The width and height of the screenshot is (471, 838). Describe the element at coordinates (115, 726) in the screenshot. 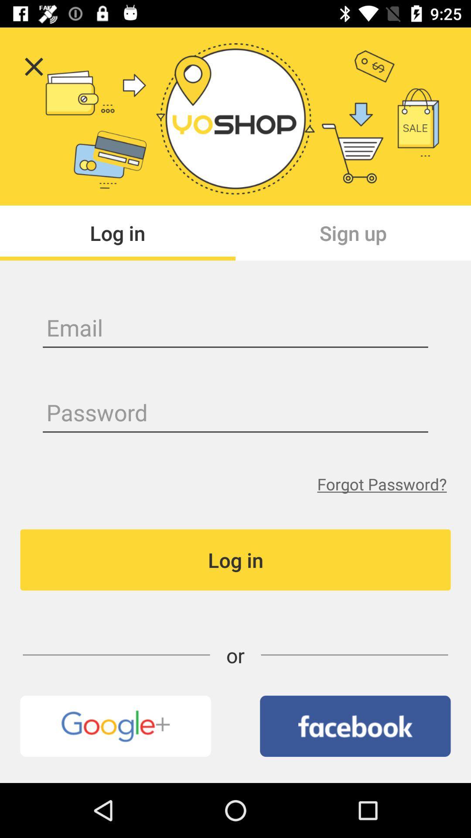

I see `sign in with google` at that location.